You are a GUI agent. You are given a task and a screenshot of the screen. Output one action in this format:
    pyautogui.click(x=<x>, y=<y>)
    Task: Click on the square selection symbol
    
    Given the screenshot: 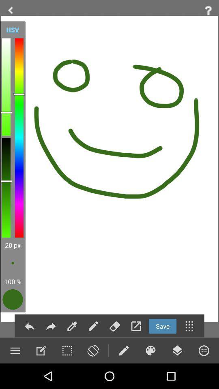 What is the action you would take?
    pyautogui.click(x=67, y=350)
    